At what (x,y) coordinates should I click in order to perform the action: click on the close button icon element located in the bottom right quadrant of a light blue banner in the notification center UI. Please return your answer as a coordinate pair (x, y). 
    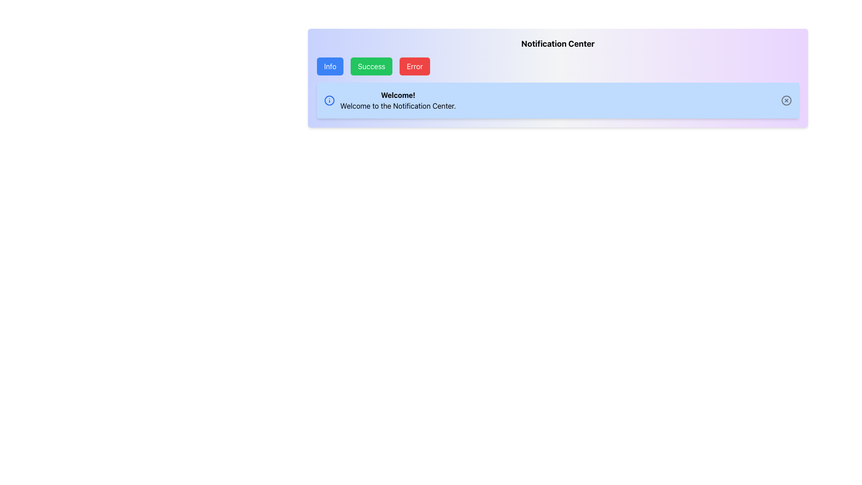
    Looking at the image, I should click on (786, 100).